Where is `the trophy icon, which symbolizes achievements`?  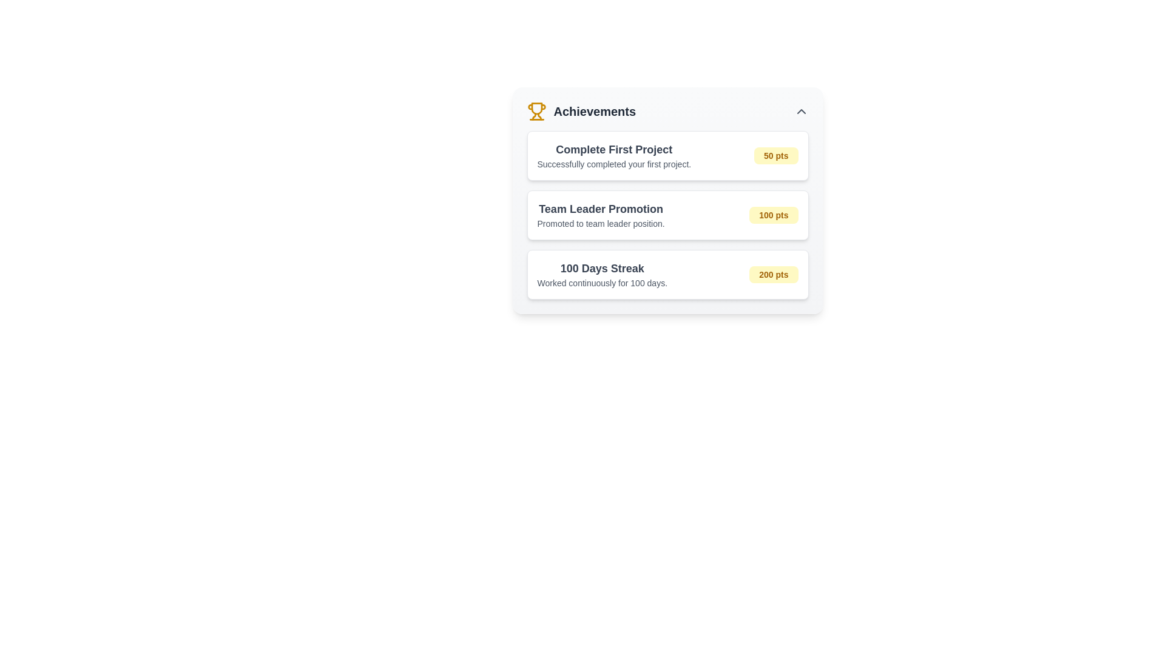 the trophy icon, which symbolizes achievements is located at coordinates (536, 112).